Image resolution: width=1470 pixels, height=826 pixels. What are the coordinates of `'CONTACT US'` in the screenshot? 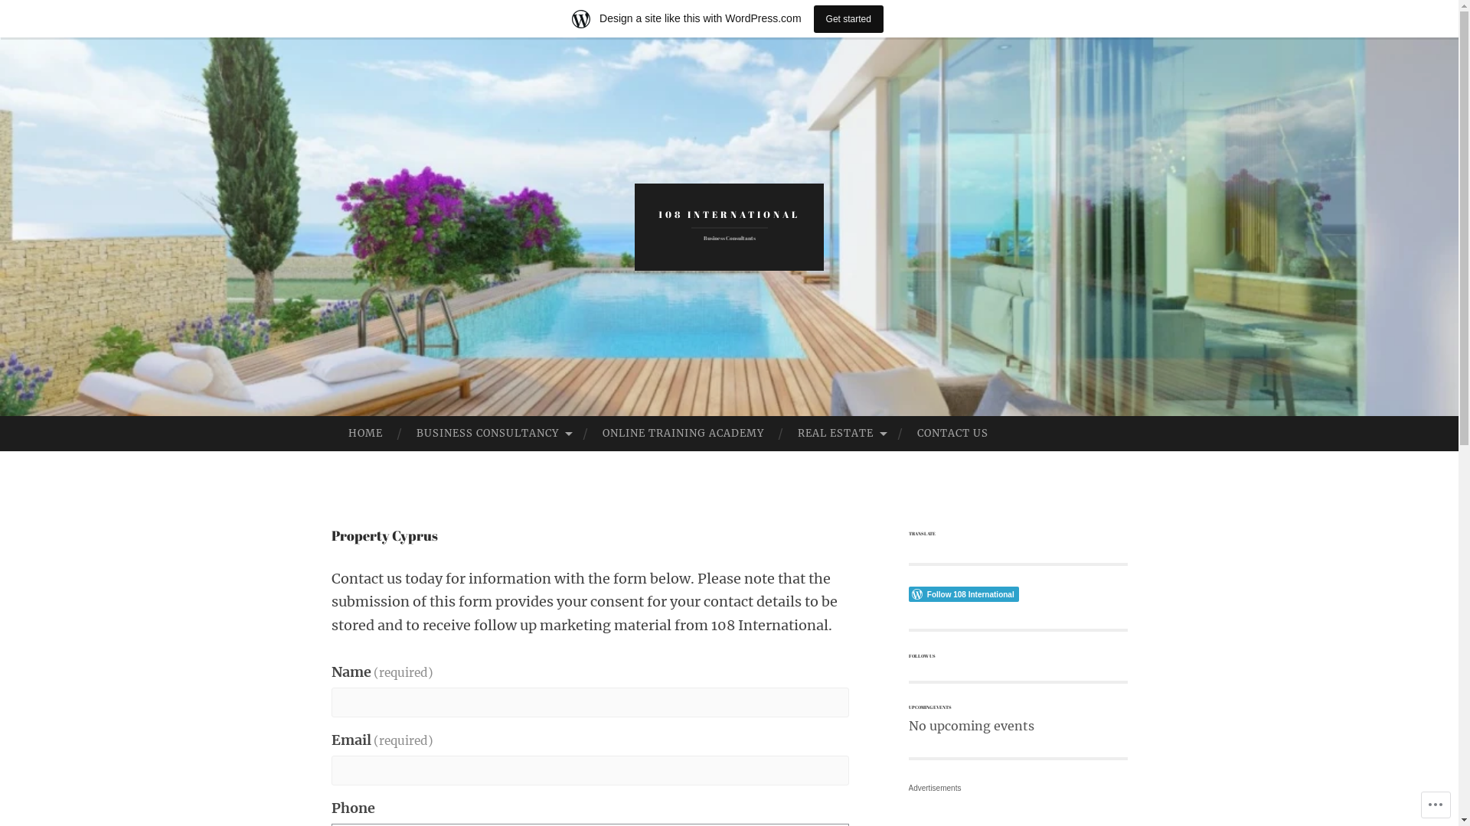 It's located at (952, 434).